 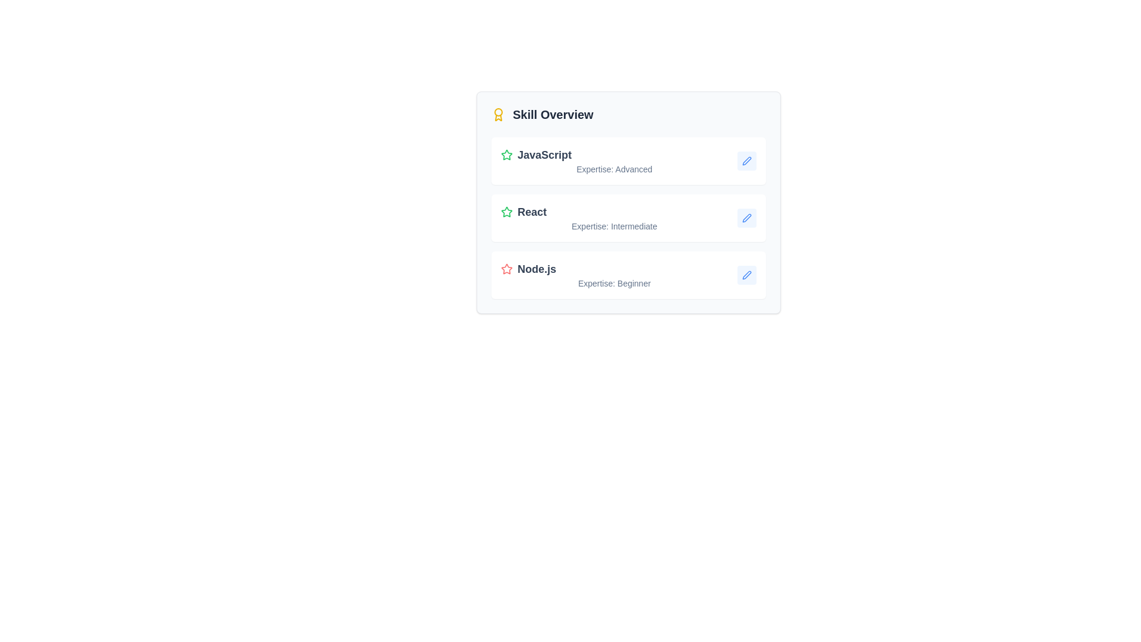 What do you see at coordinates (544, 155) in the screenshot?
I see `the 'JavaScript' text element in the 'Skill Overview' section, which serves as a label for the skill name and is located at the top of the skill items list` at bounding box center [544, 155].